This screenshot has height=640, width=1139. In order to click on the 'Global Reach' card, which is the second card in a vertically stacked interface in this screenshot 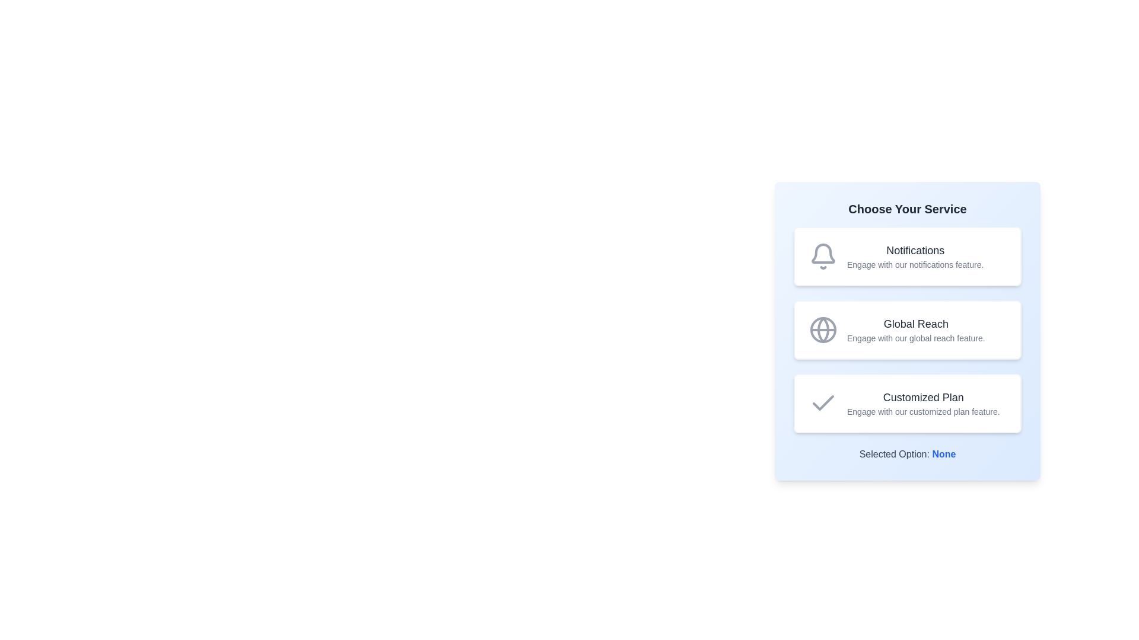, I will do `click(907, 331)`.